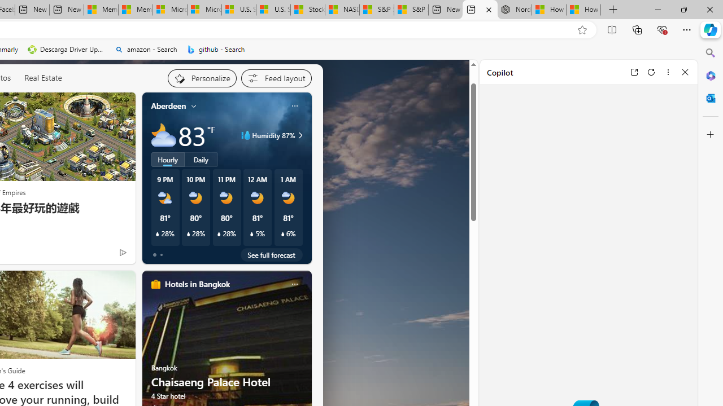 This screenshot has width=723, height=406. Describe the element at coordinates (583, 10) in the screenshot. I see `'How to Use a Monitor With Your Closed Laptop'` at that location.